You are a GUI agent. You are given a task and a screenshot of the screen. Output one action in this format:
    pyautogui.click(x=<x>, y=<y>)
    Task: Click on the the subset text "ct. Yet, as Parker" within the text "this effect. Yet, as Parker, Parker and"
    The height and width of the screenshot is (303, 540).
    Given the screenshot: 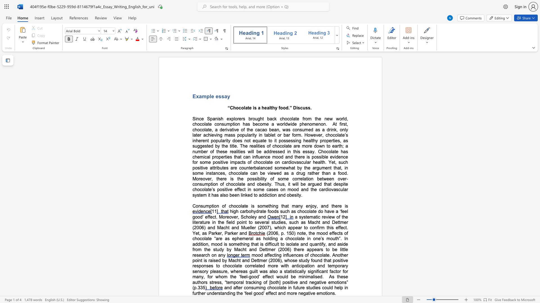 What is the action you would take?
    pyautogui.click(x=343, y=228)
    